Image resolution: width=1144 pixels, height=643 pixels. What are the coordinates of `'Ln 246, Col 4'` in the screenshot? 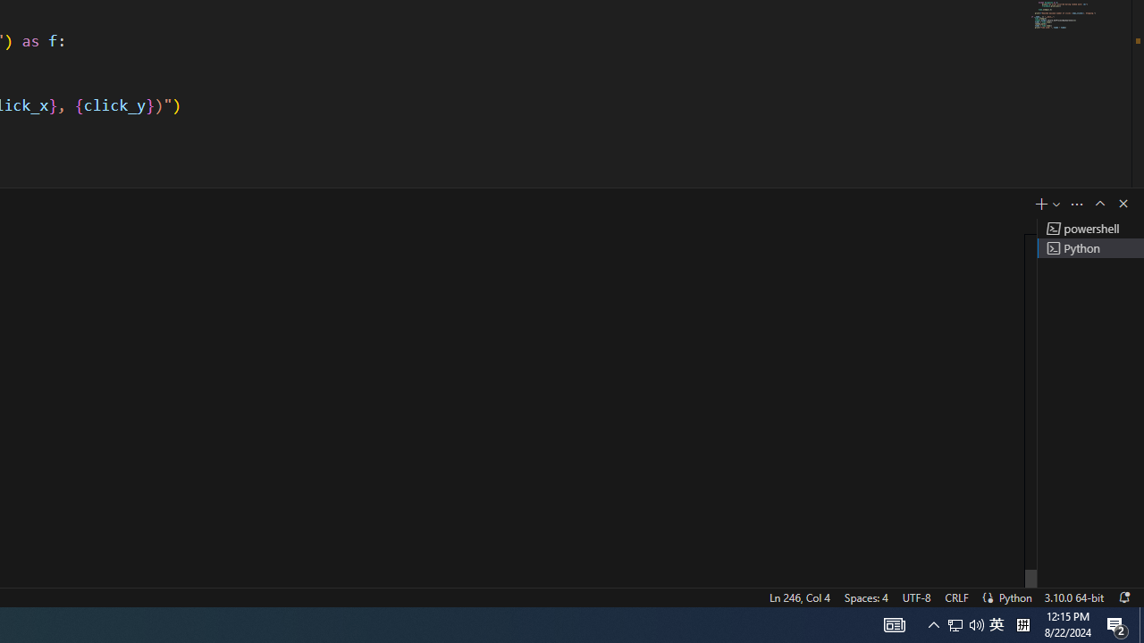 It's located at (798, 597).